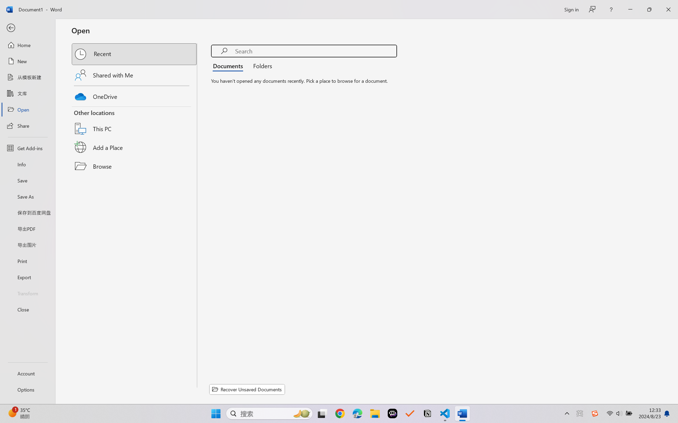 Image resolution: width=678 pixels, height=423 pixels. Describe the element at coordinates (134, 54) in the screenshot. I see `'Recent'` at that location.